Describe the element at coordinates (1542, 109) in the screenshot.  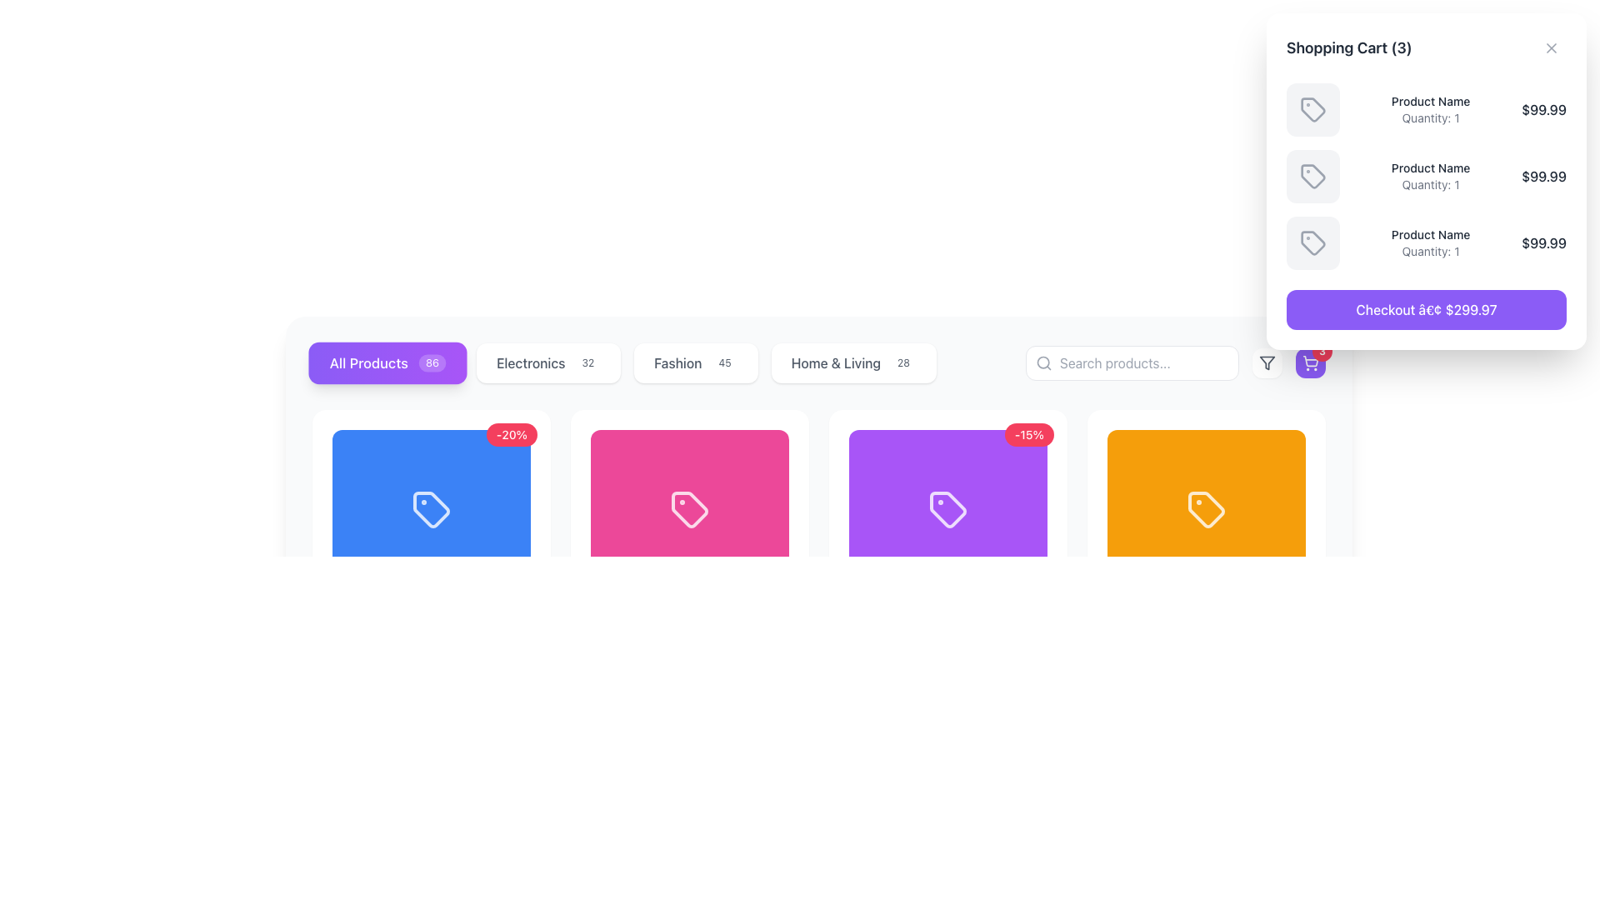
I see `the static text display that shows the price of the product in the 'Shopping Cart' modal window, located to the right of 'Product Name' and 'Quantity: 1'` at that location.